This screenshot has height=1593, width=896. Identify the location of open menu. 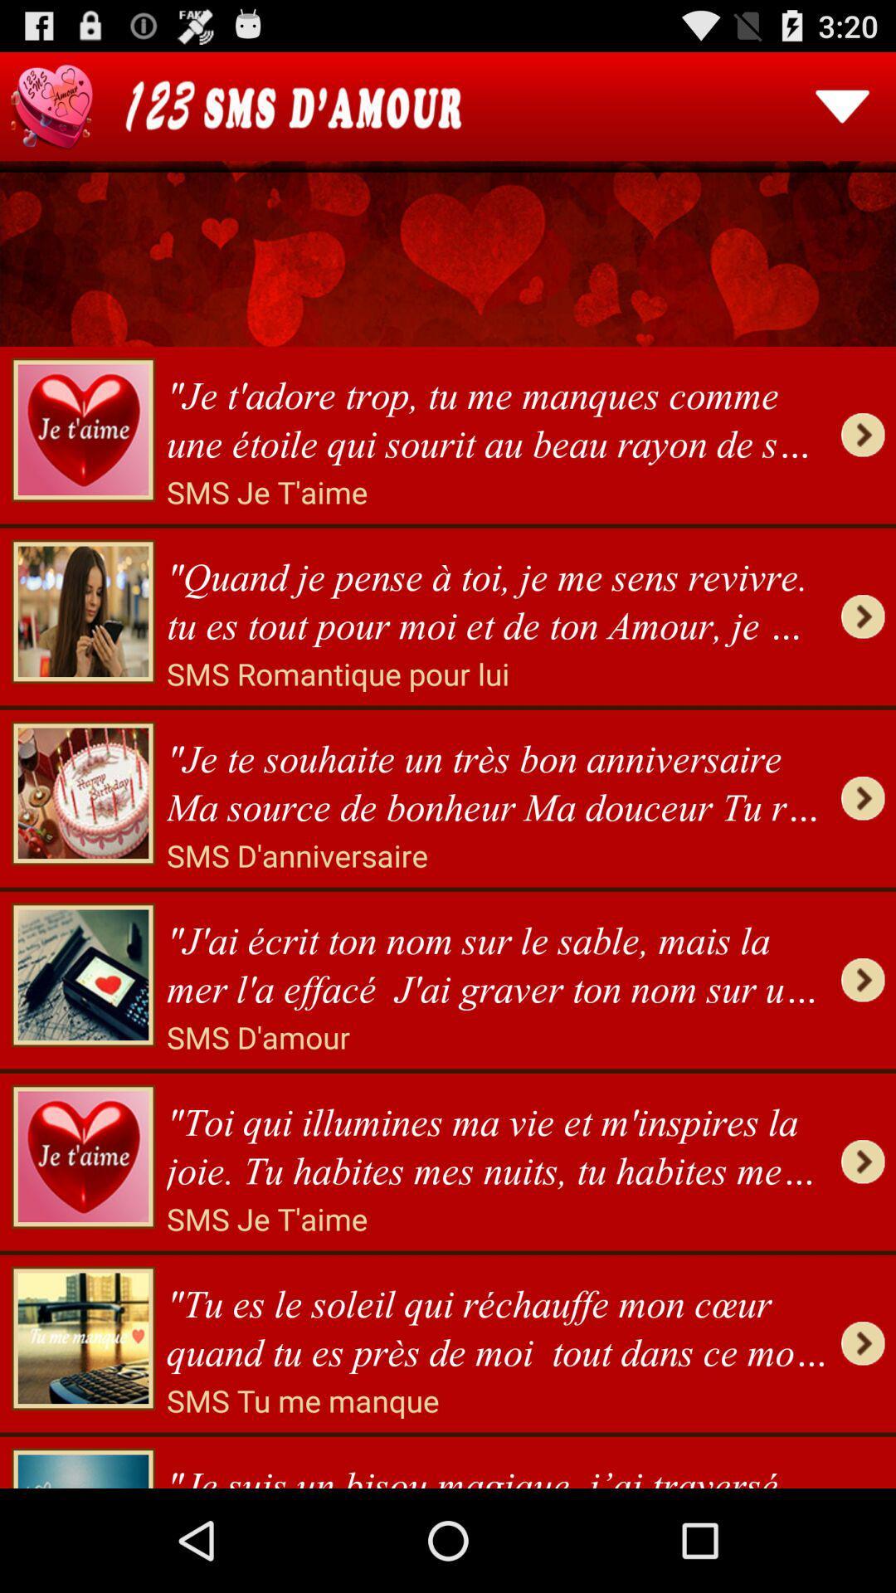
(842, 105).